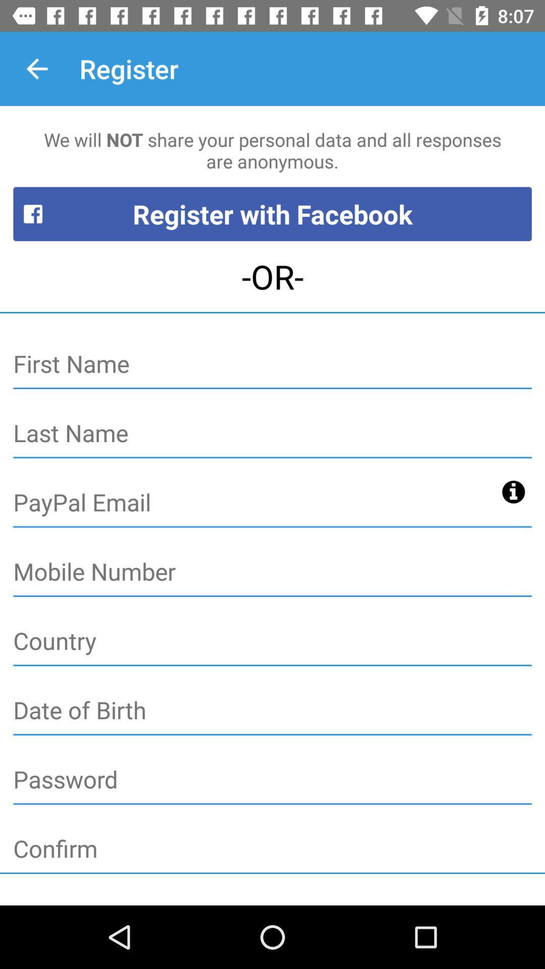 This screenshot has height=969, width=545. What do you see at coordinates (513, 492) in the screenshot?
I see `the item on the right` at bounding box center [513, 492].